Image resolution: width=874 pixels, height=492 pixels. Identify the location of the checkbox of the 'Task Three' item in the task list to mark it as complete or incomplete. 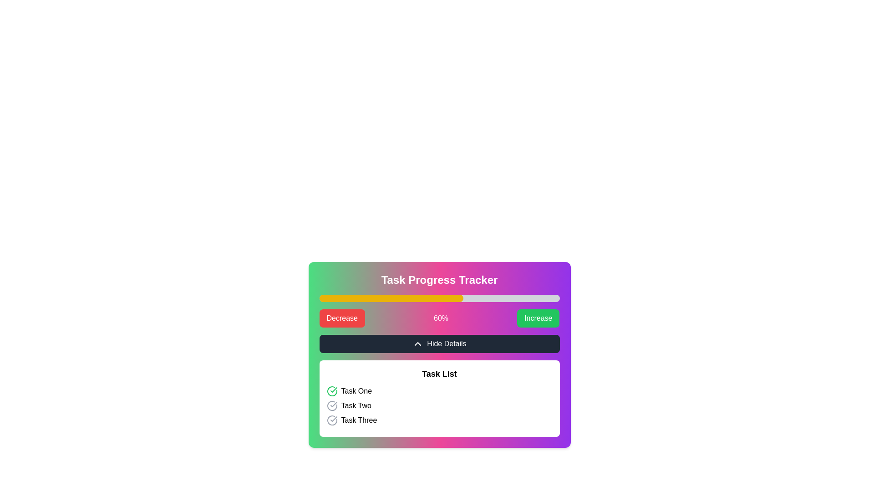
(439, 420).